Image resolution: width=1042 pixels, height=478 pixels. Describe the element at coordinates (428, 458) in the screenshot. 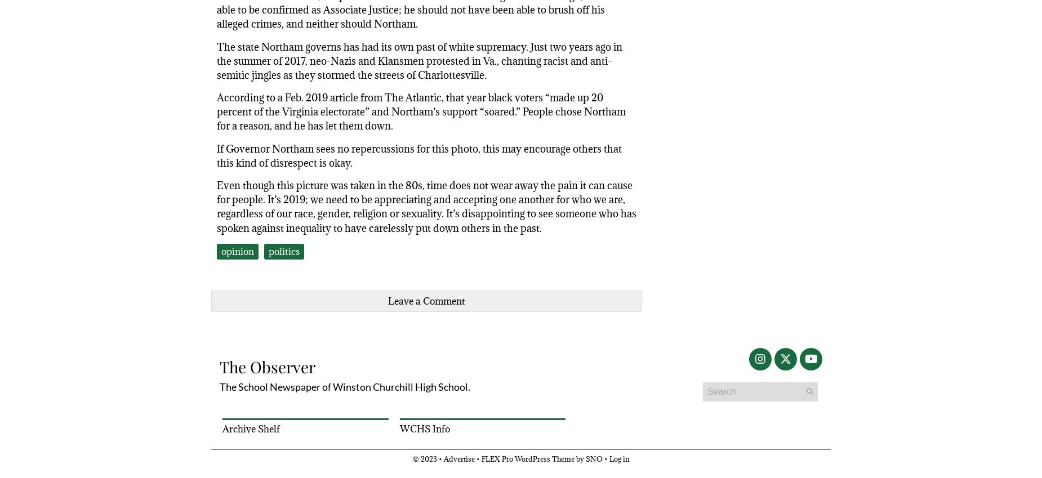

I see `'© 2023  •'` at that location.